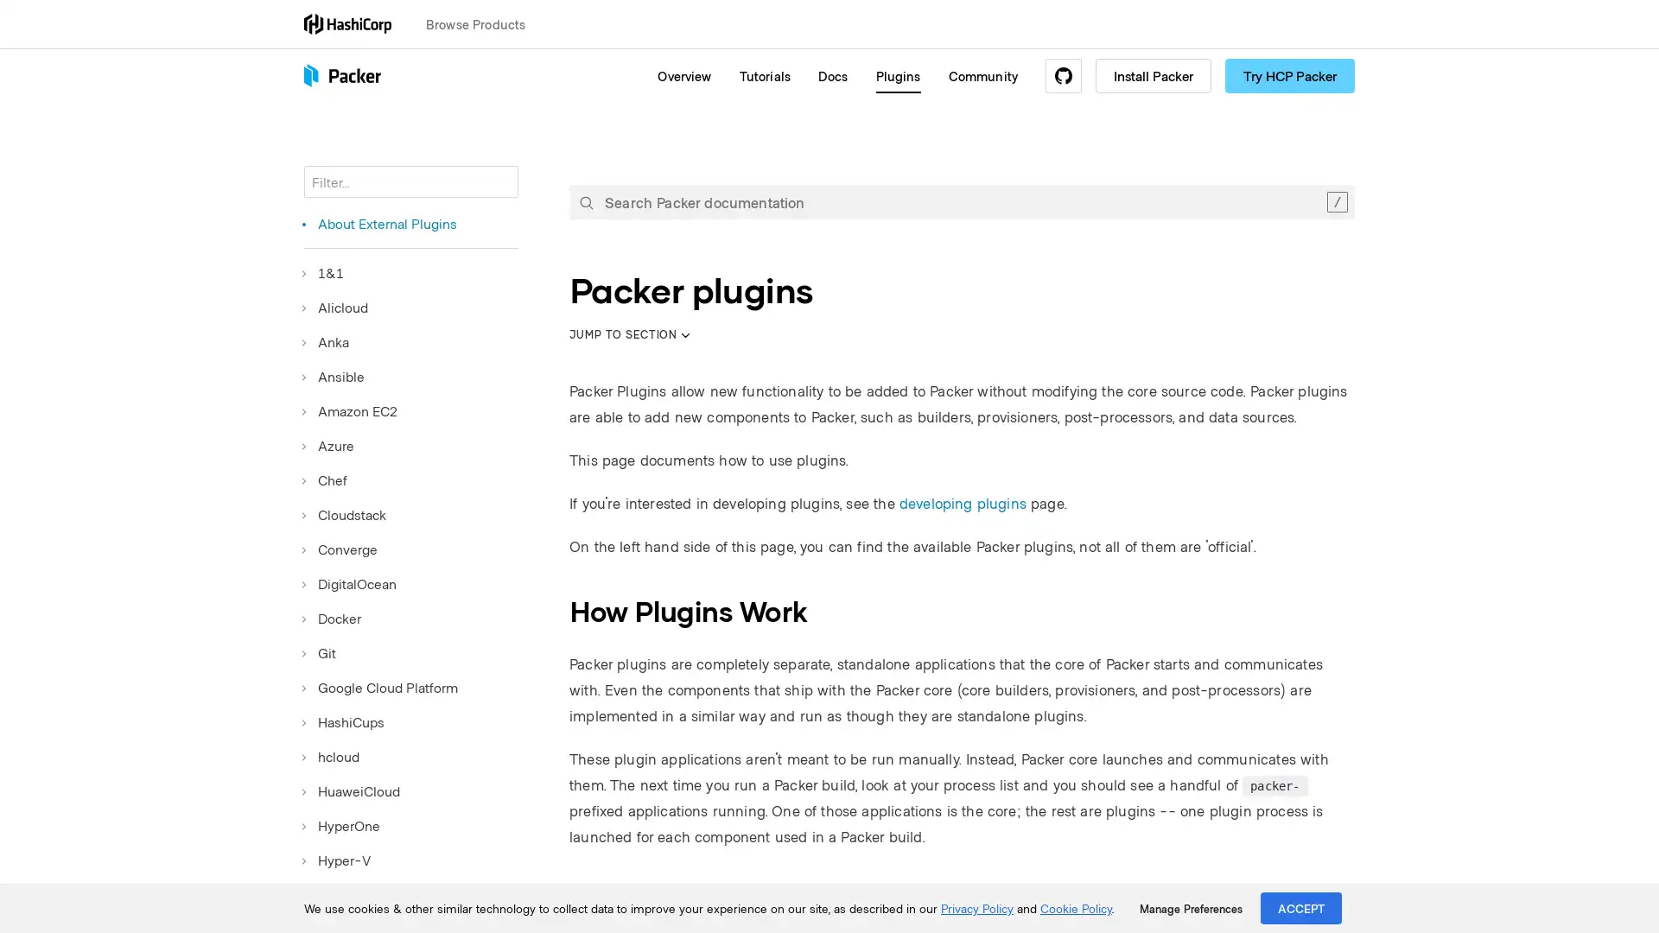 This screenshot has width=1659, height=933. I want to click on Chef, so click(326, 479).